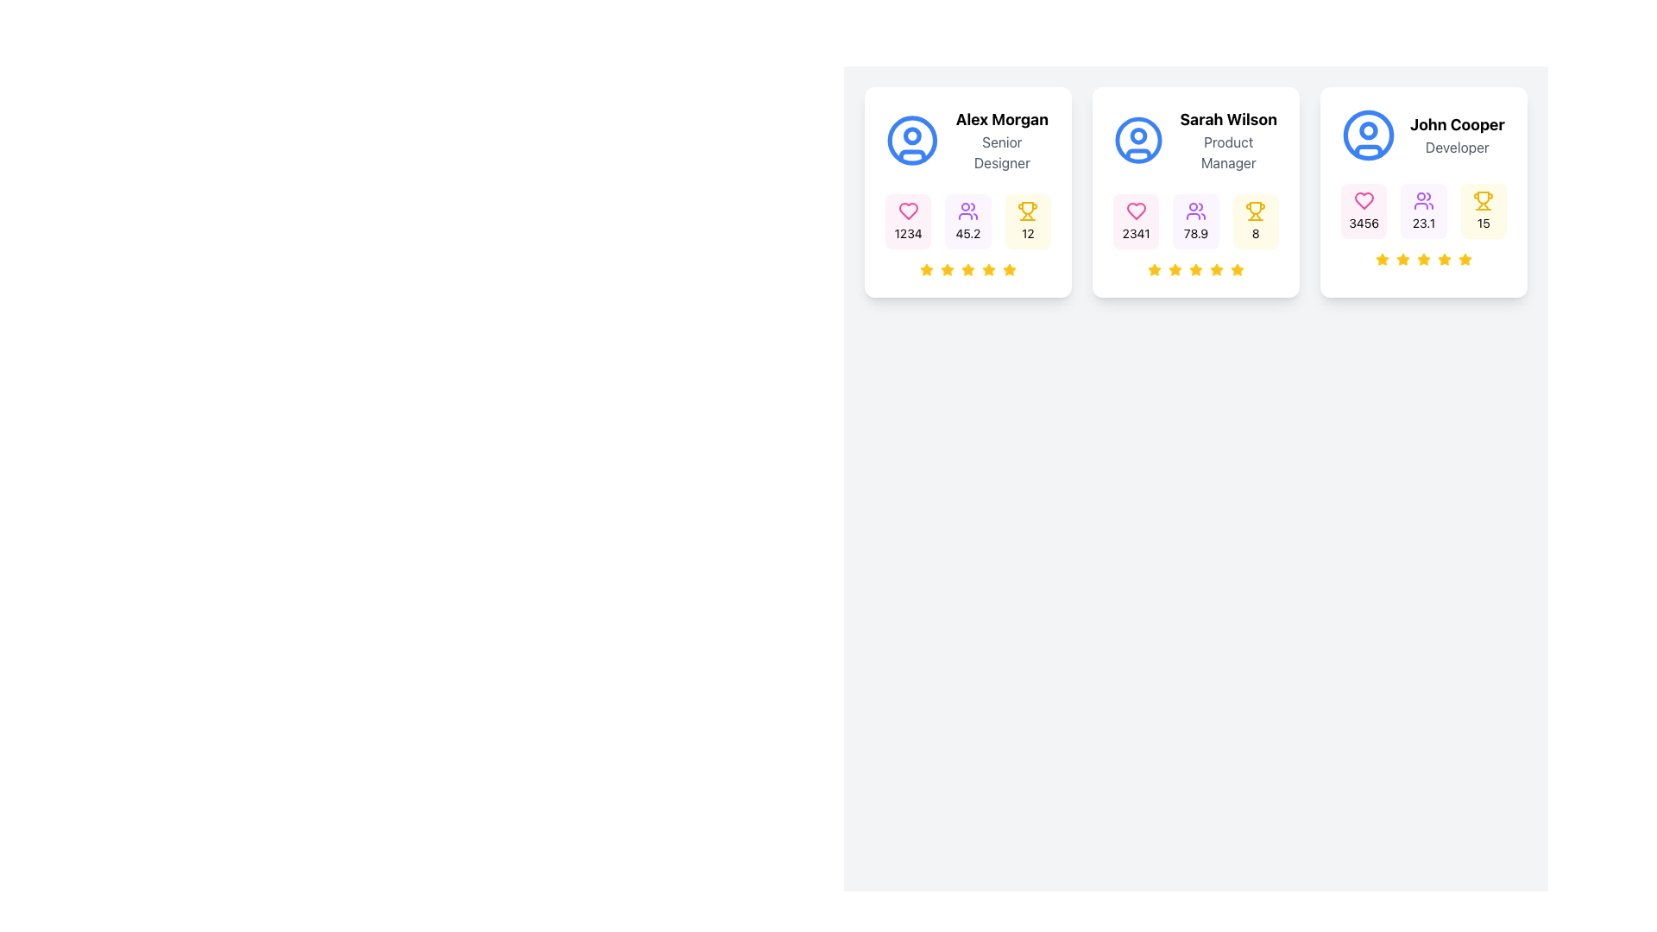 Image resolution: width=1657 pixels, height=932 pixels. Describe the element at coordinates (947, 269) in the screenshot. I see `the third star icon in the rating section of the first user profile card to modify its visibility` at that location.